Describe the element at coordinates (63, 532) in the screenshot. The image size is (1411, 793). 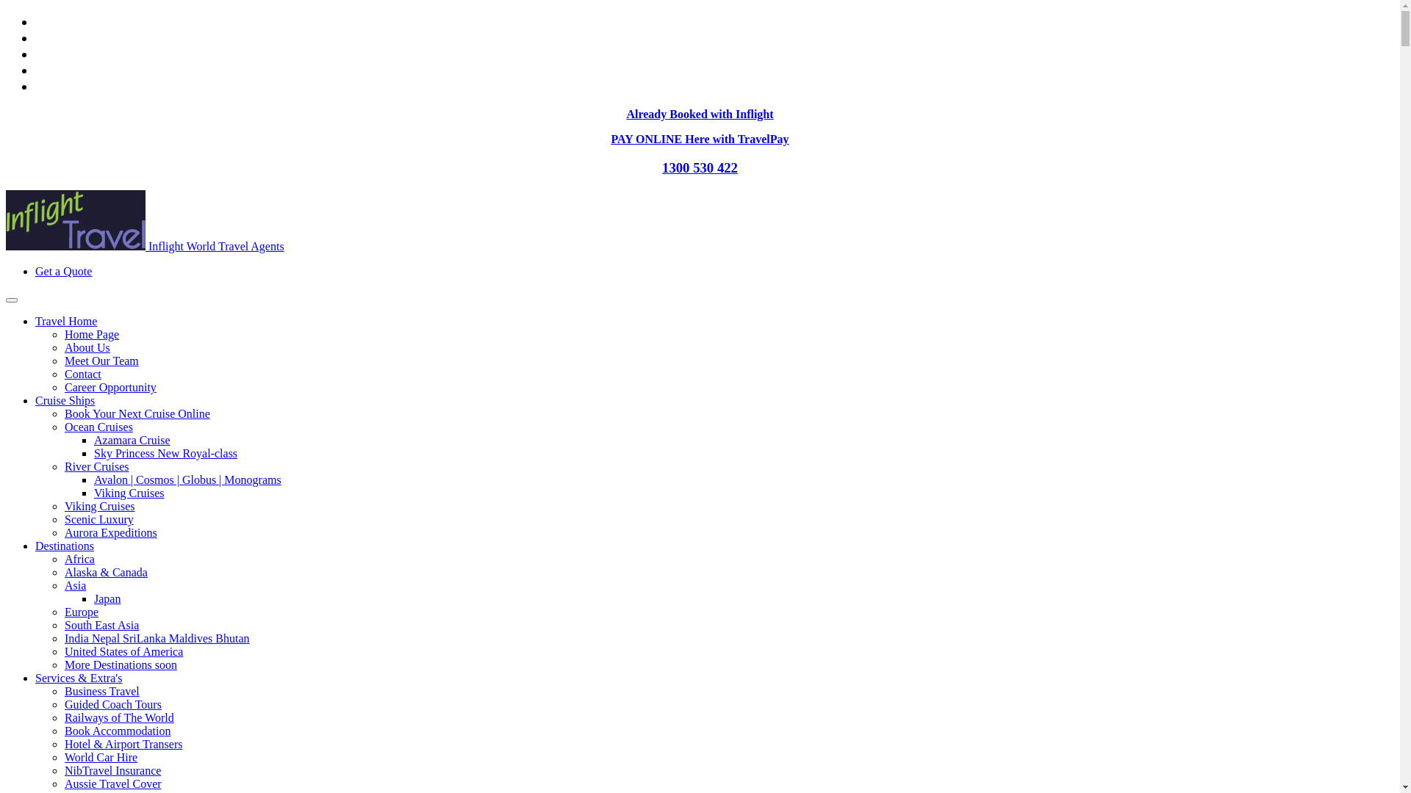
I see `'Aurora Expeditions'` at that location.